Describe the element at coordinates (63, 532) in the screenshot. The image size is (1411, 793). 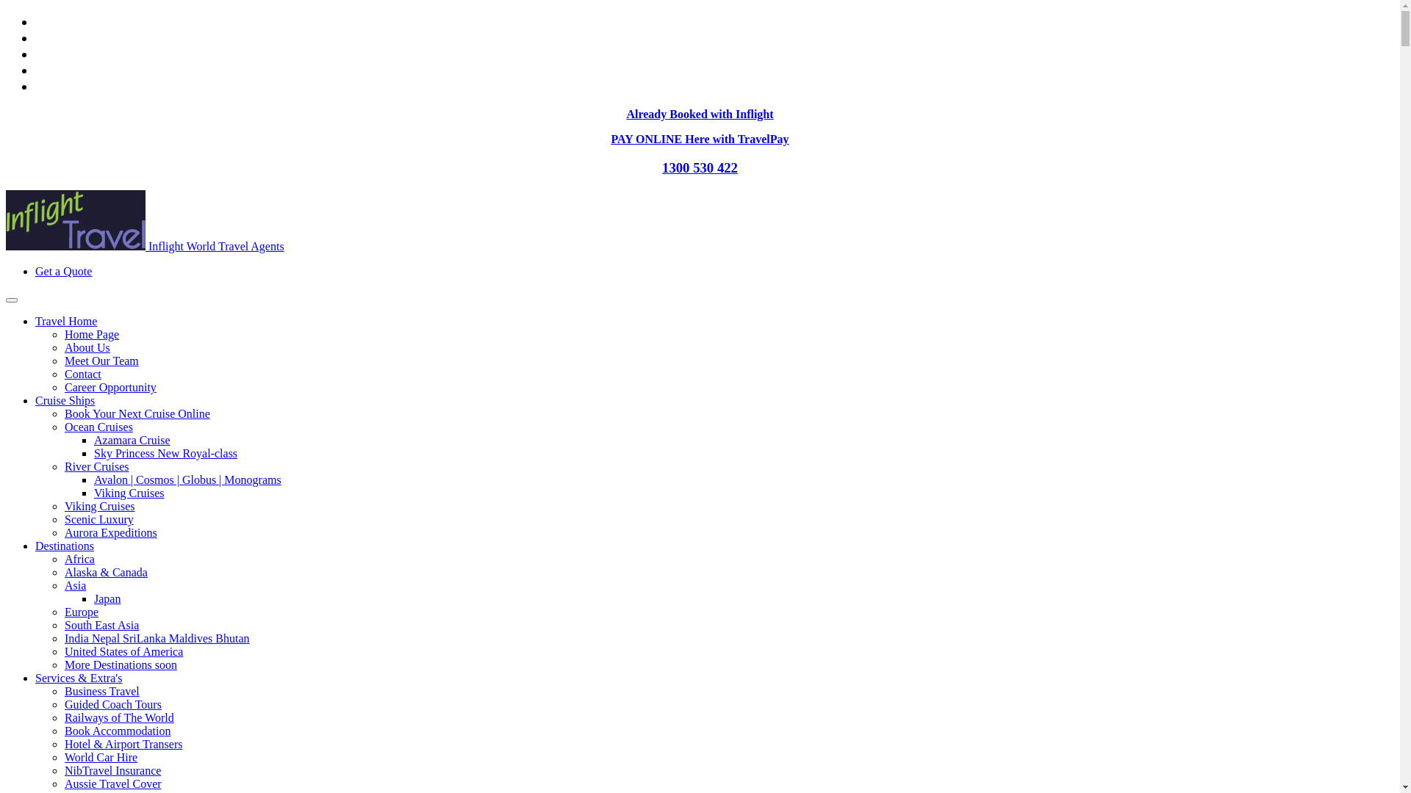
I see `'Aurora Expeditions'` at that location.